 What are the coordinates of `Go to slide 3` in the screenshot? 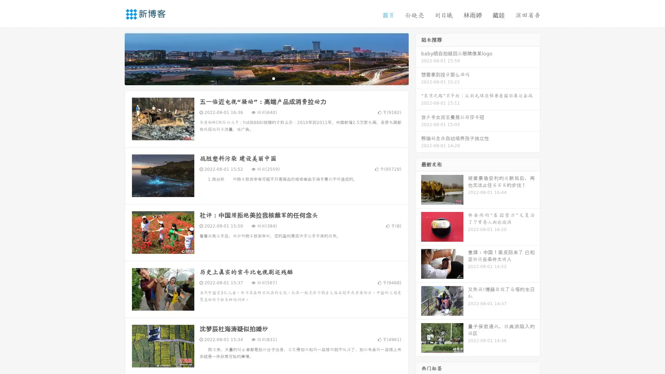 It's located at (273, 78).